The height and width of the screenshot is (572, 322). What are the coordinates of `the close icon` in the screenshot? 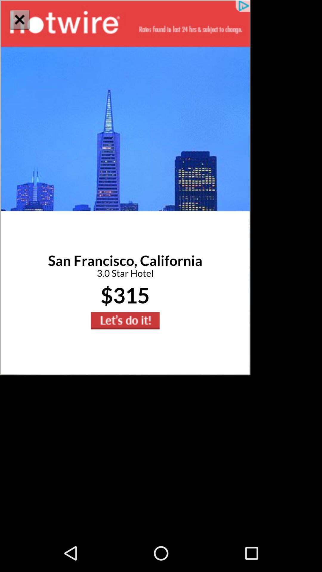 It's located at (19, 21).